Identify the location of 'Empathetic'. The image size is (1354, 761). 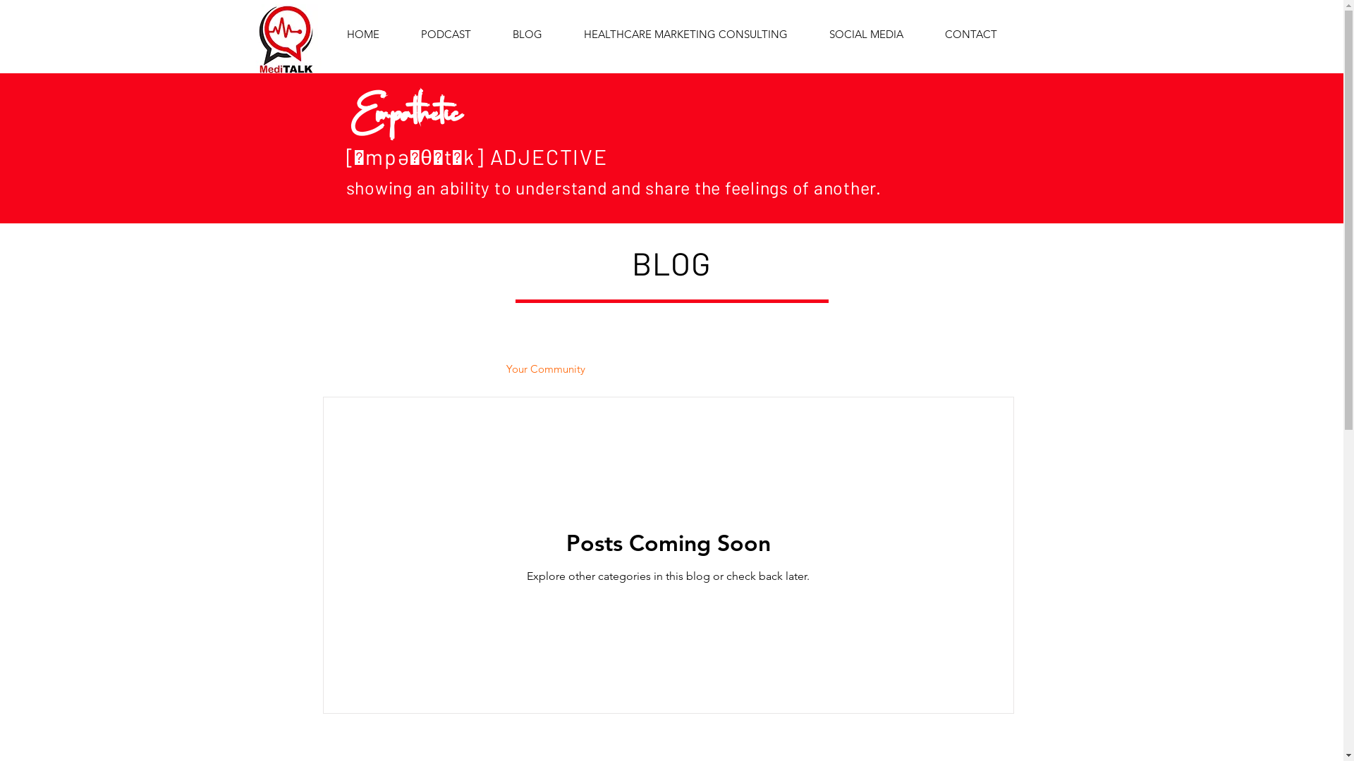
(405, 101).